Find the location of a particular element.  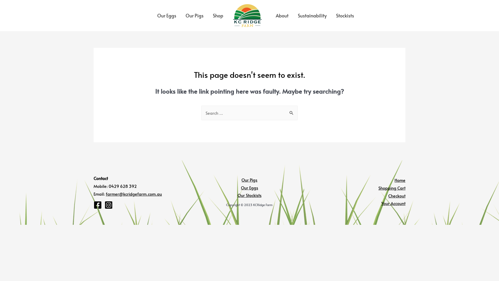

'Stockists' is located at coordinates (345, 15).